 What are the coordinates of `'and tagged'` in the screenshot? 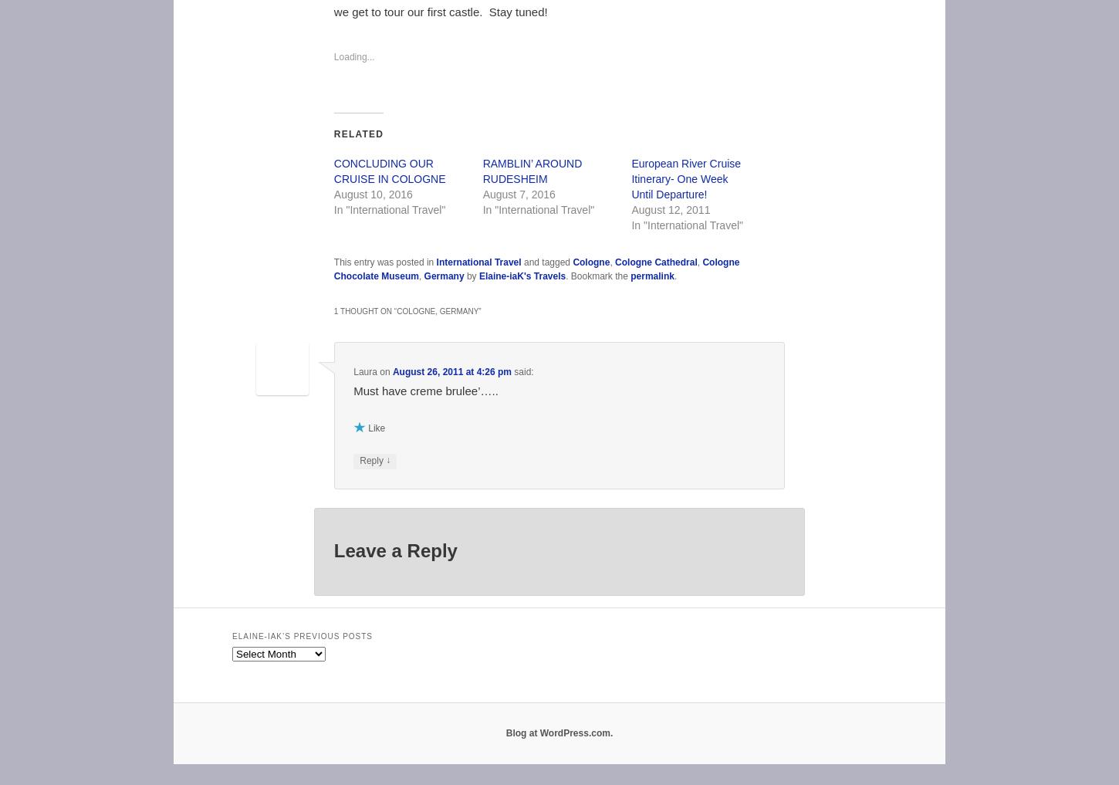 It's located at (546, 261).